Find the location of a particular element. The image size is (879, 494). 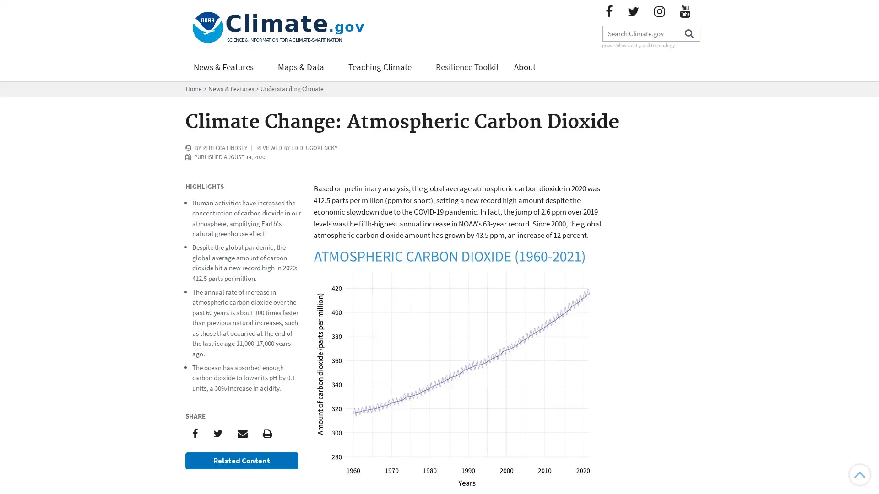

About is located at coordinates (529, 67).